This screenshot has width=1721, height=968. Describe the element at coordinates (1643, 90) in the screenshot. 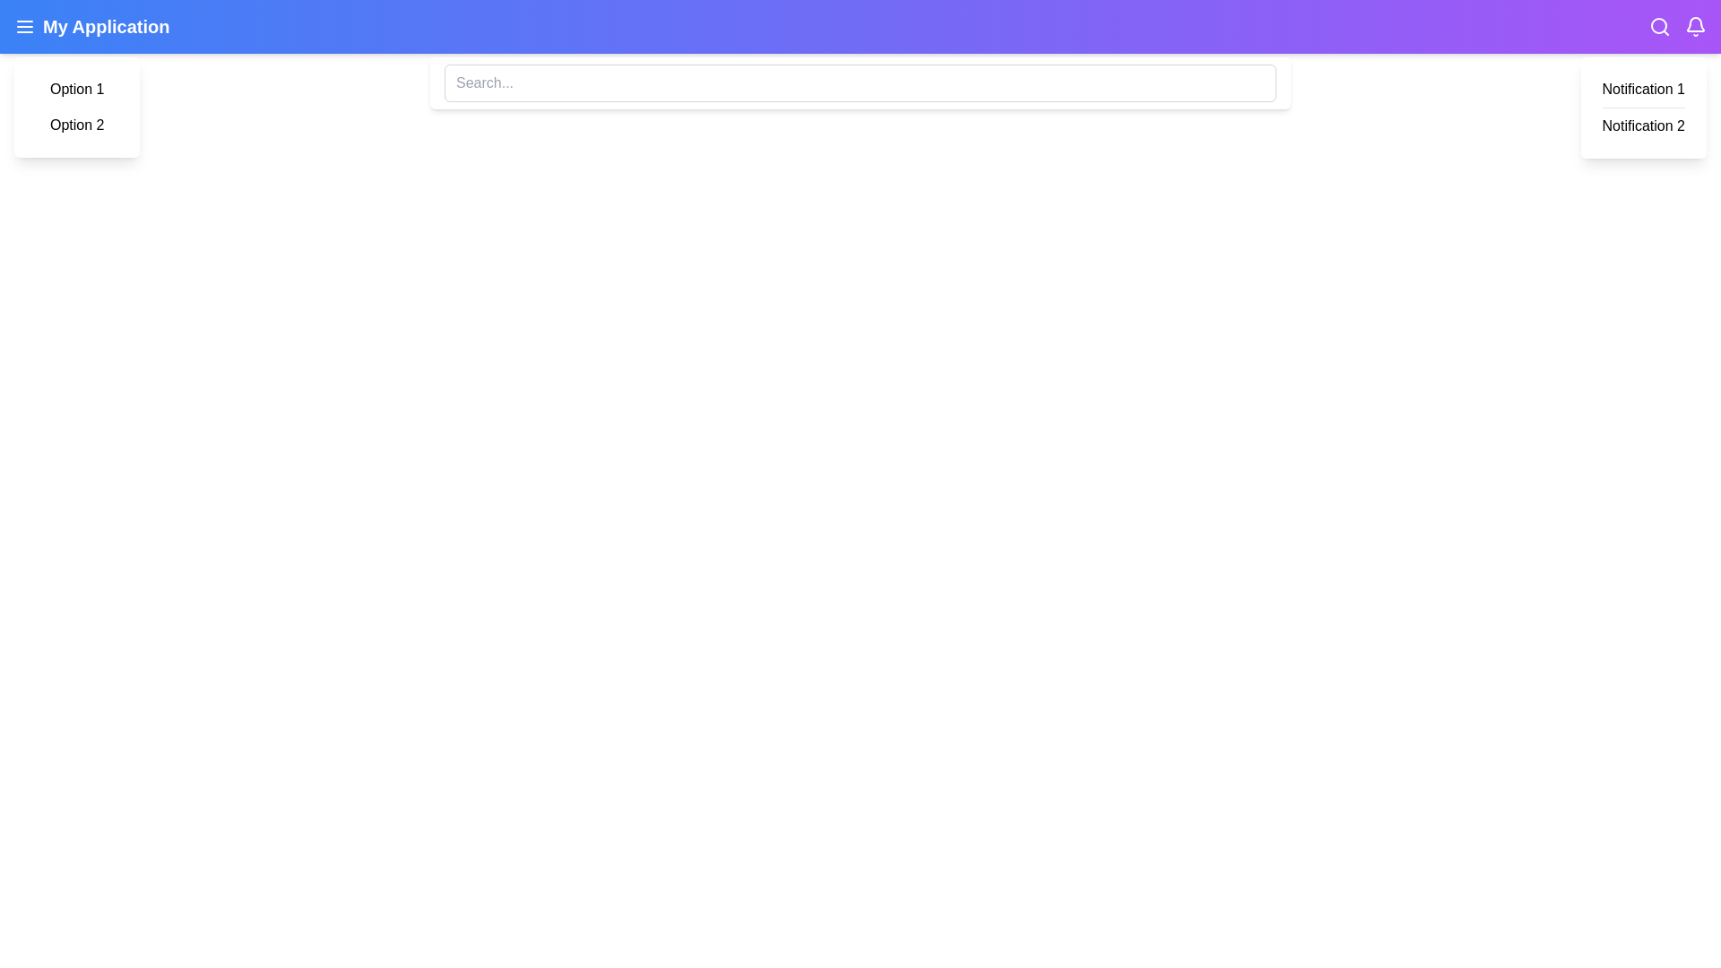

I see `the text label displaying 'Notification 1', which is styled with a simple sans-serif font and is positioned at the top of a vertical stack of notification labels in the top-right corner of the interface` at that location.